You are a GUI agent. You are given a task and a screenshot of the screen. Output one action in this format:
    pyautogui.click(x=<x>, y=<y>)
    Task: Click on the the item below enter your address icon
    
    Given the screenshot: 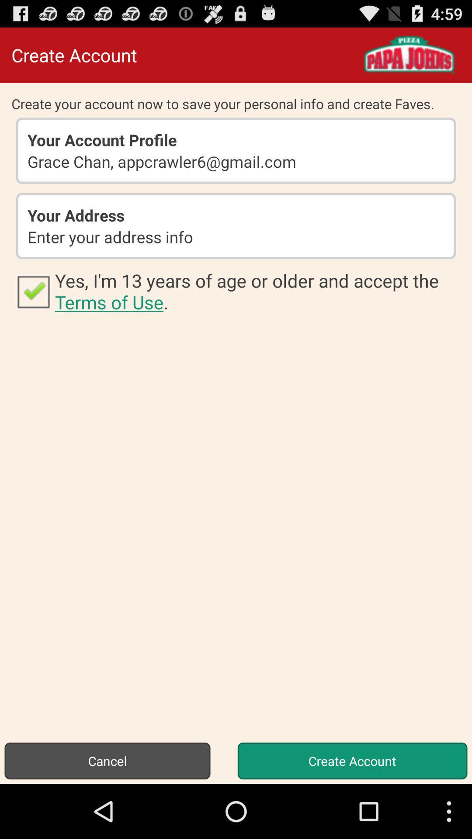 What is the action you would take?
    pyautogui.click(x=33, y=291)
    